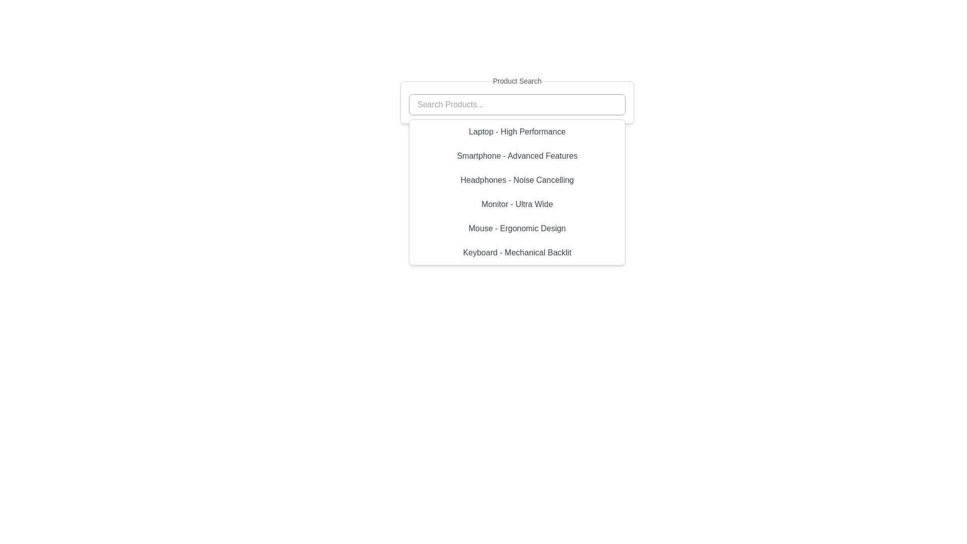 Image resolution: width=967 pixels, height=544 pixels. What do you see at coordinates (517, 229) in the screenshot?
I see `the menu item displaying 'Mouse - Ergonomic Design', which is the fifth item in the dropdown list` at bounding box center [517, 229].